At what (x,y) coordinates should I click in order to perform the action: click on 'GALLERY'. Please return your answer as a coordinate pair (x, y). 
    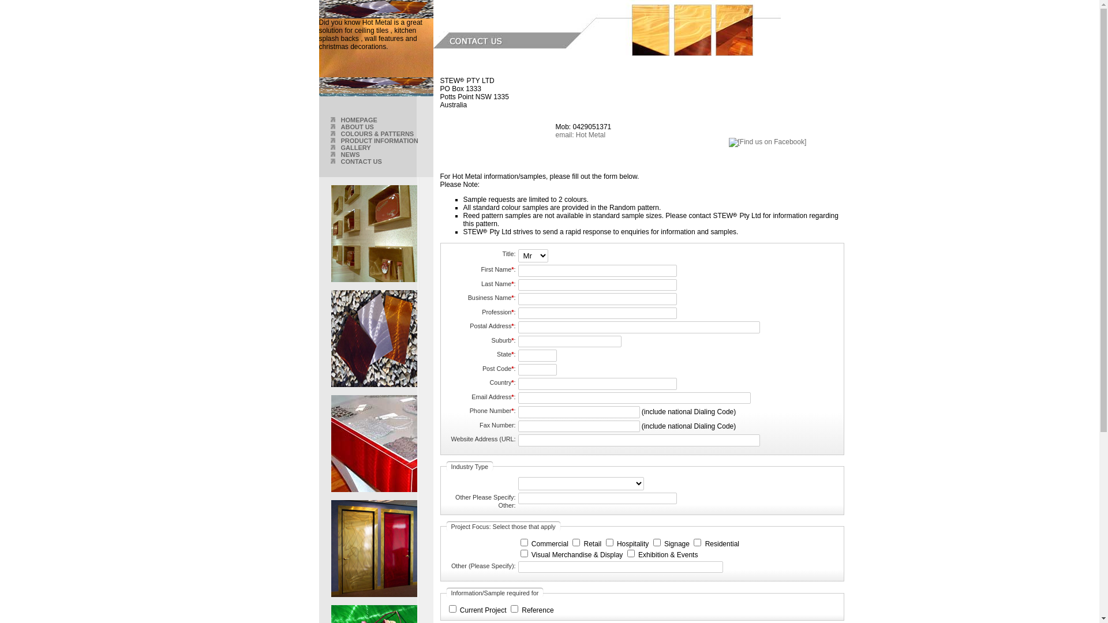
    Looking at the image, I should click on (354, 147).